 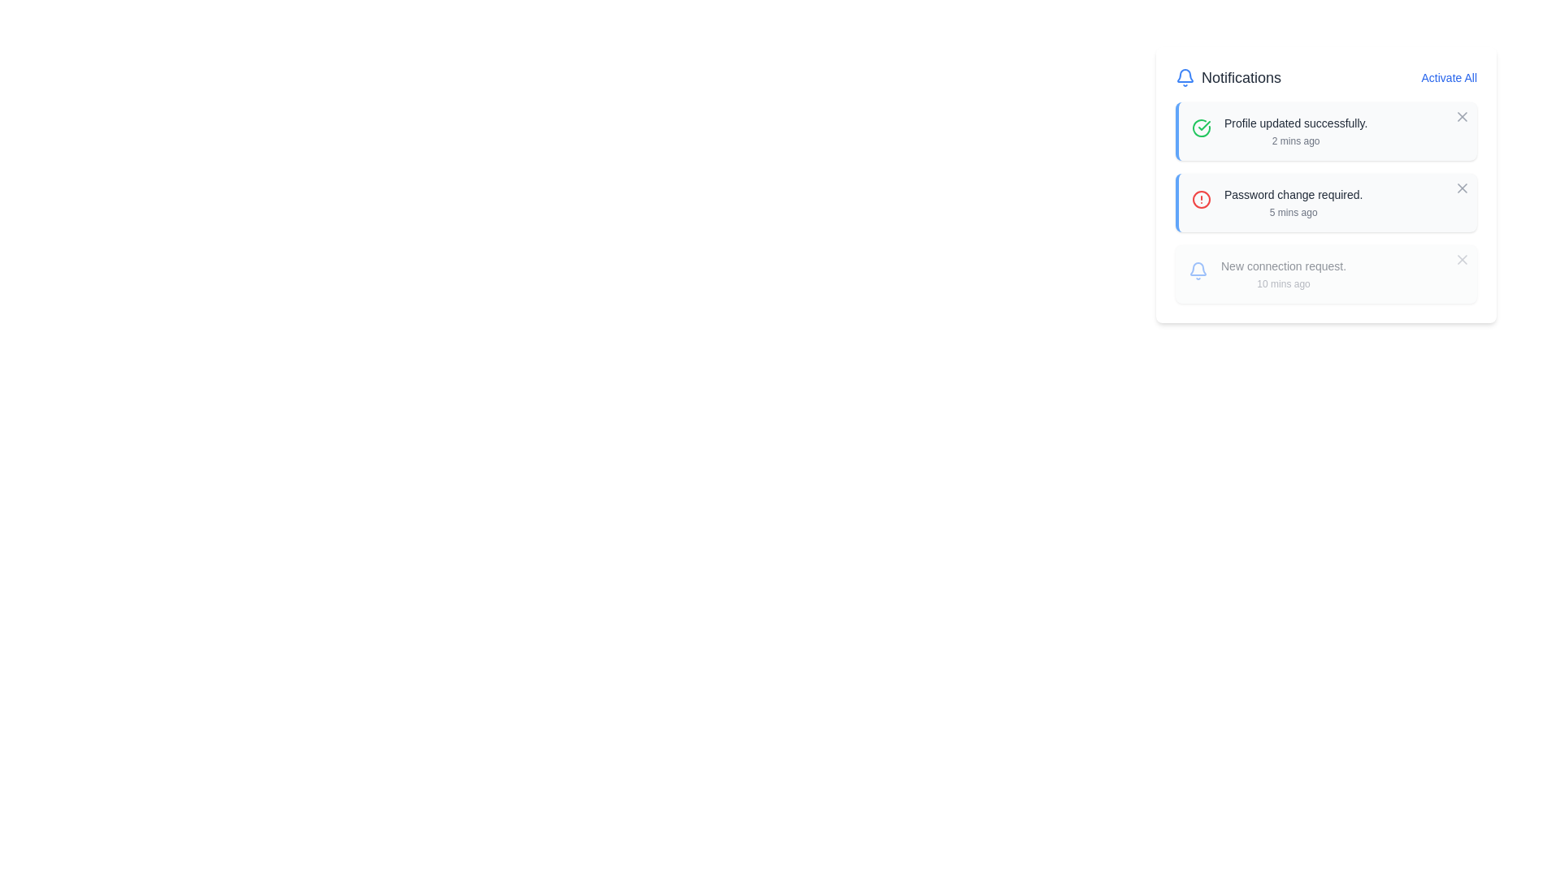 What do you see at coordinates (1198, 270) in the screenshot?
I see `the blue bell icon located at the top of the notification panel` at bounding box center [1198, 270].